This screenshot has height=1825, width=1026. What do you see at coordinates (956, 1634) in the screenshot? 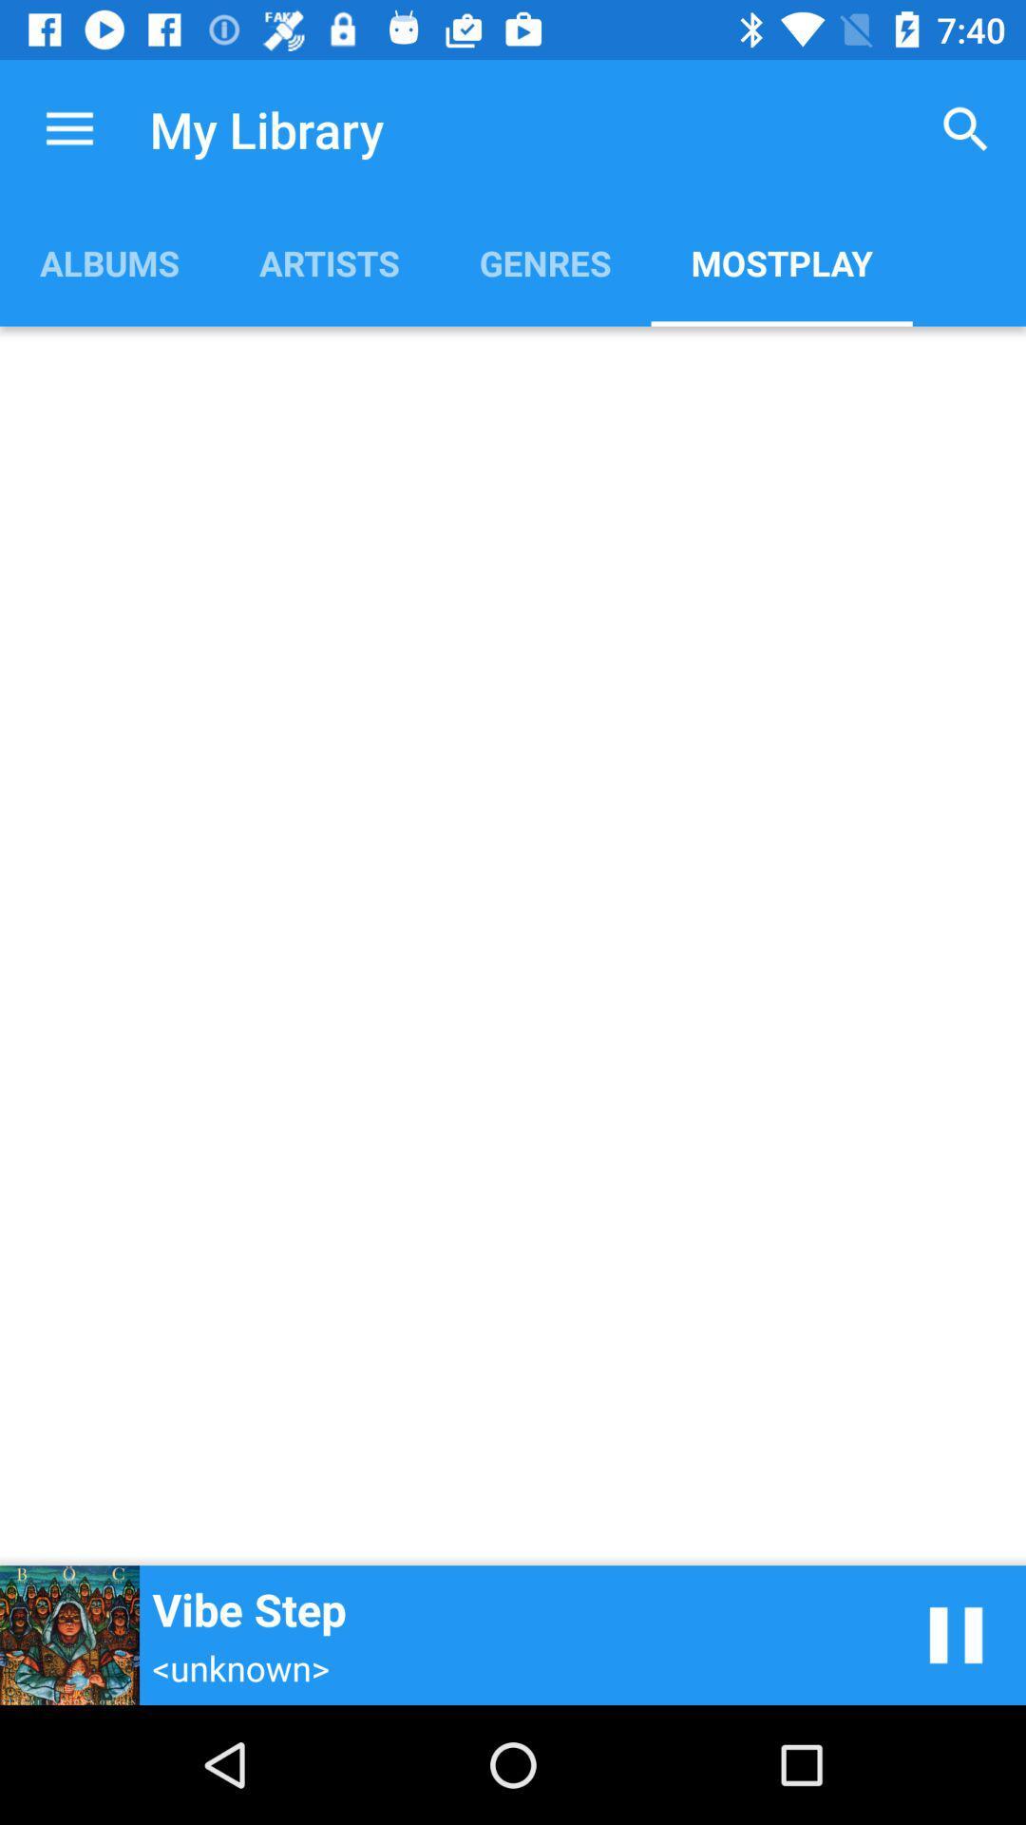
I see `pause music` at bounding box center [956, 1634].